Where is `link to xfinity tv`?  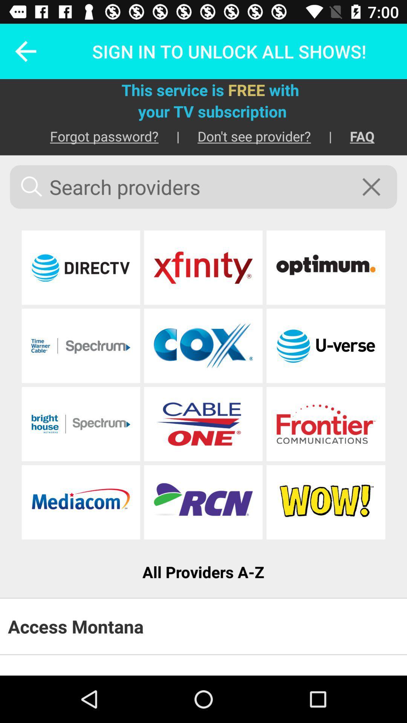 link to xfinity tv is located at coordinates (203, 267).